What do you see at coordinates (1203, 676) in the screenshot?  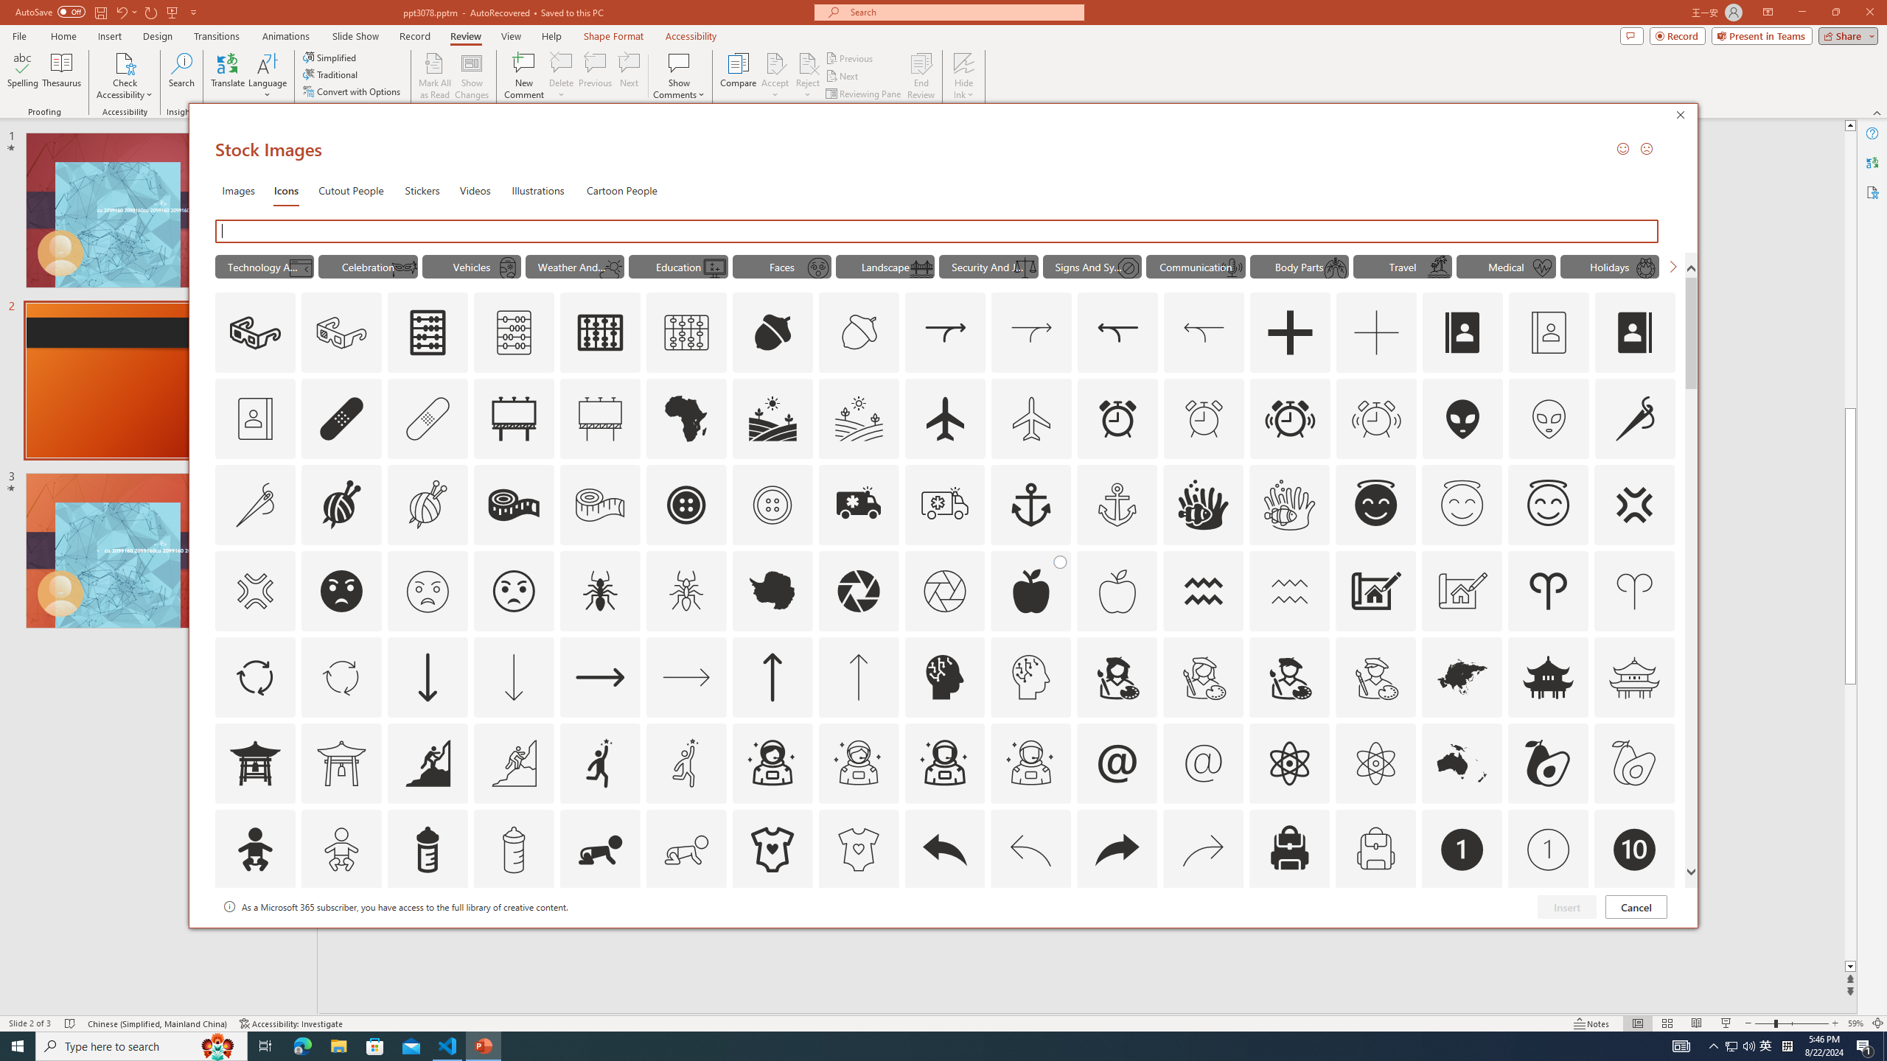 I see `'AutomationID: Icons_ArtistFemale_M'` at bounding box center [1203, 676].